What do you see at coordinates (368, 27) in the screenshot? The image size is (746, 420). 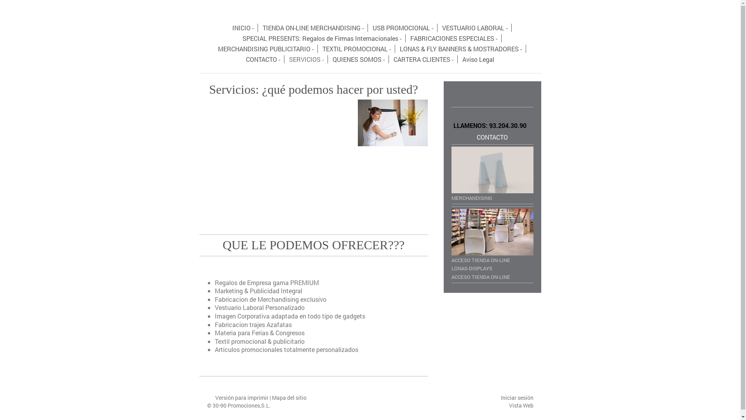 I see `'USB PROMOCIONAL -'` at bounding box center [368, 27].